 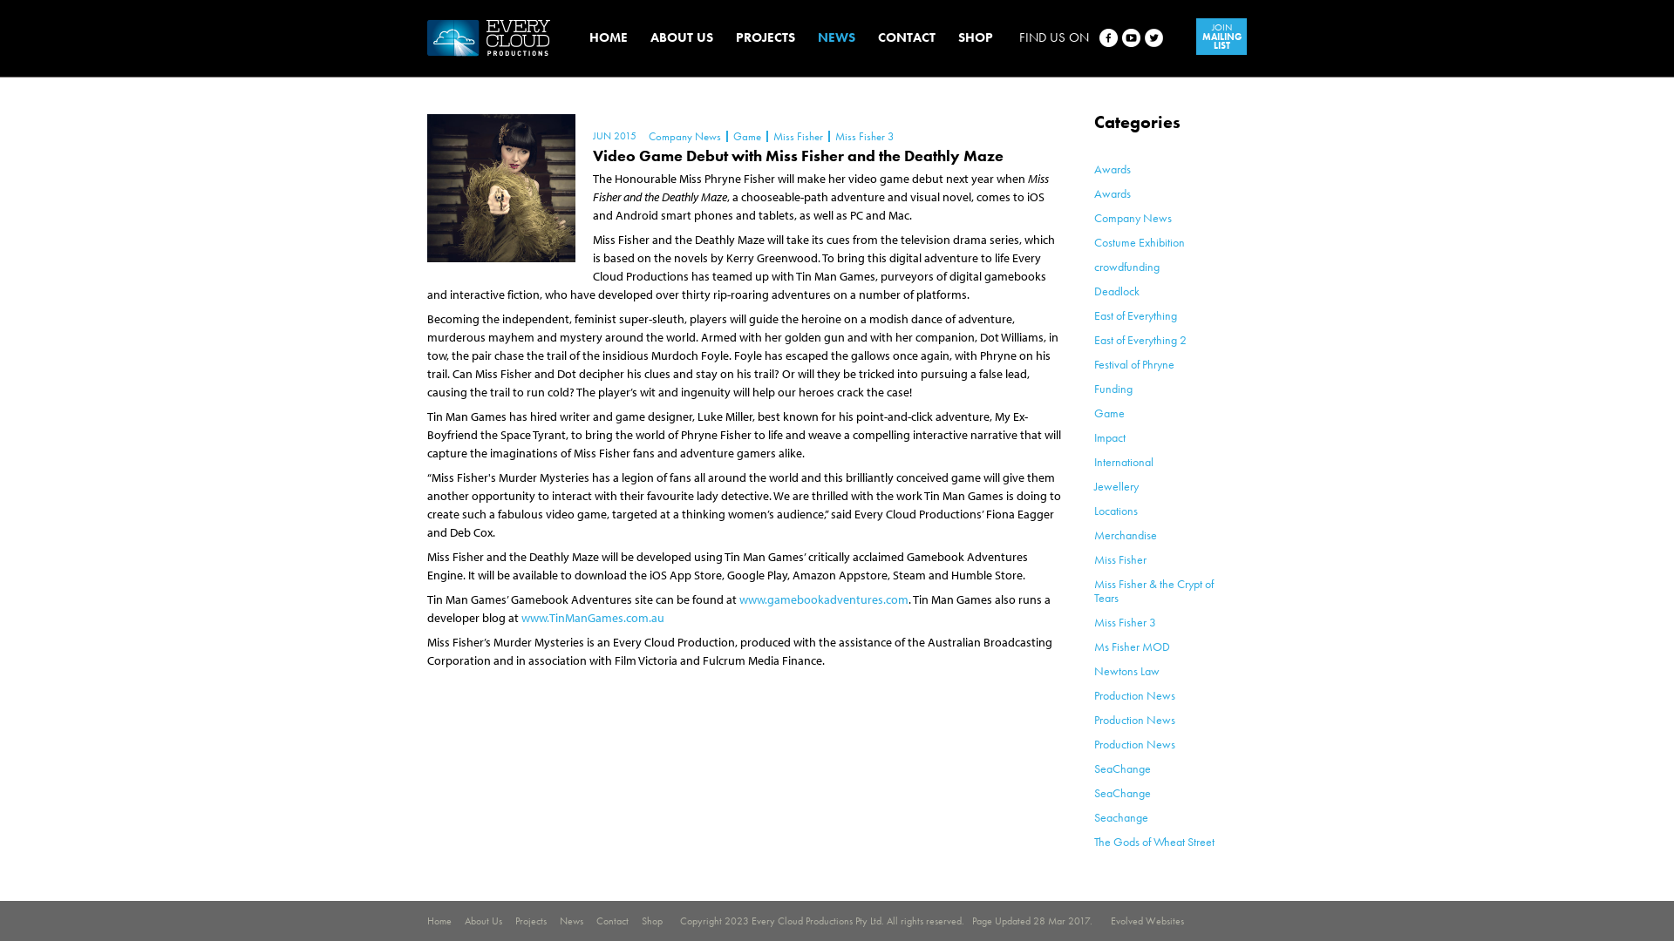 I want to click on 'PROJECTS', so click(x=736, y=37).